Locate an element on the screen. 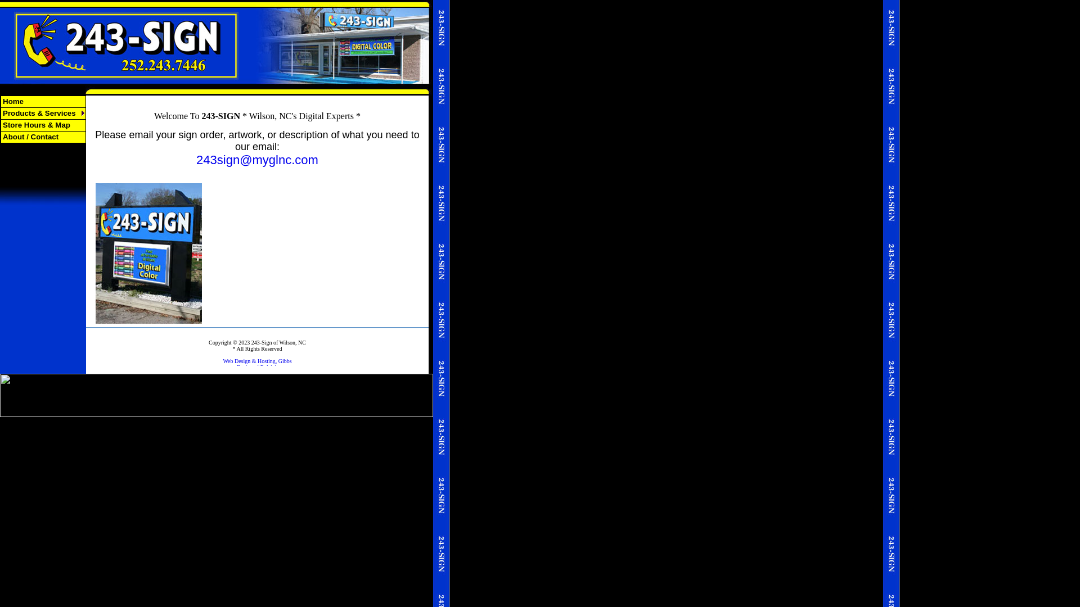  '243sign@myglnc.com' is located at coordinates (196, 160).